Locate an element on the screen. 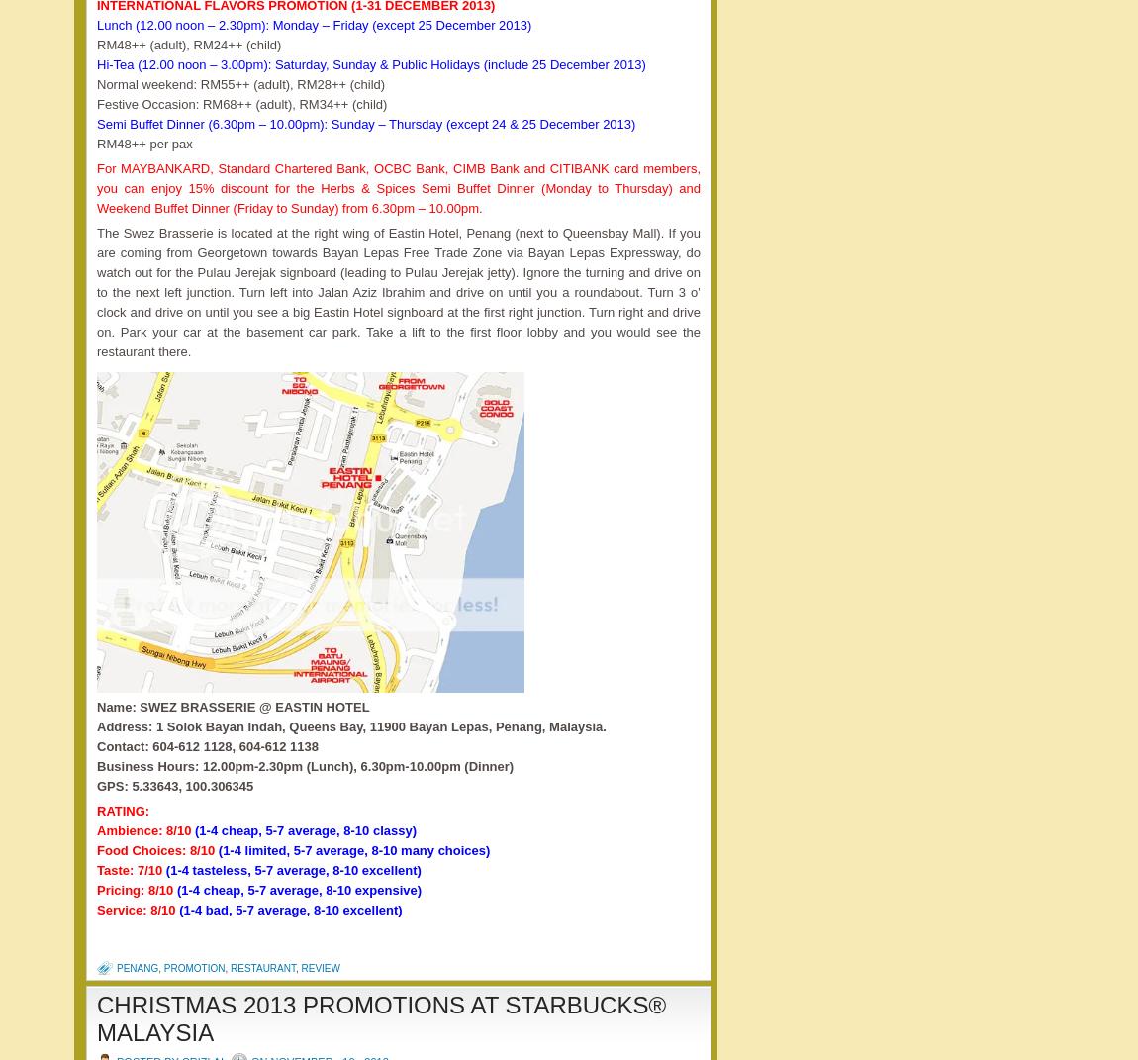 This screenshot has height=1060, width=1138. 'Address: 1 Solok Bayan Indah, Queens Bay, 11900 Bayan Lepas, Penang, Malaysia.' is located at coordinates (351, 726).